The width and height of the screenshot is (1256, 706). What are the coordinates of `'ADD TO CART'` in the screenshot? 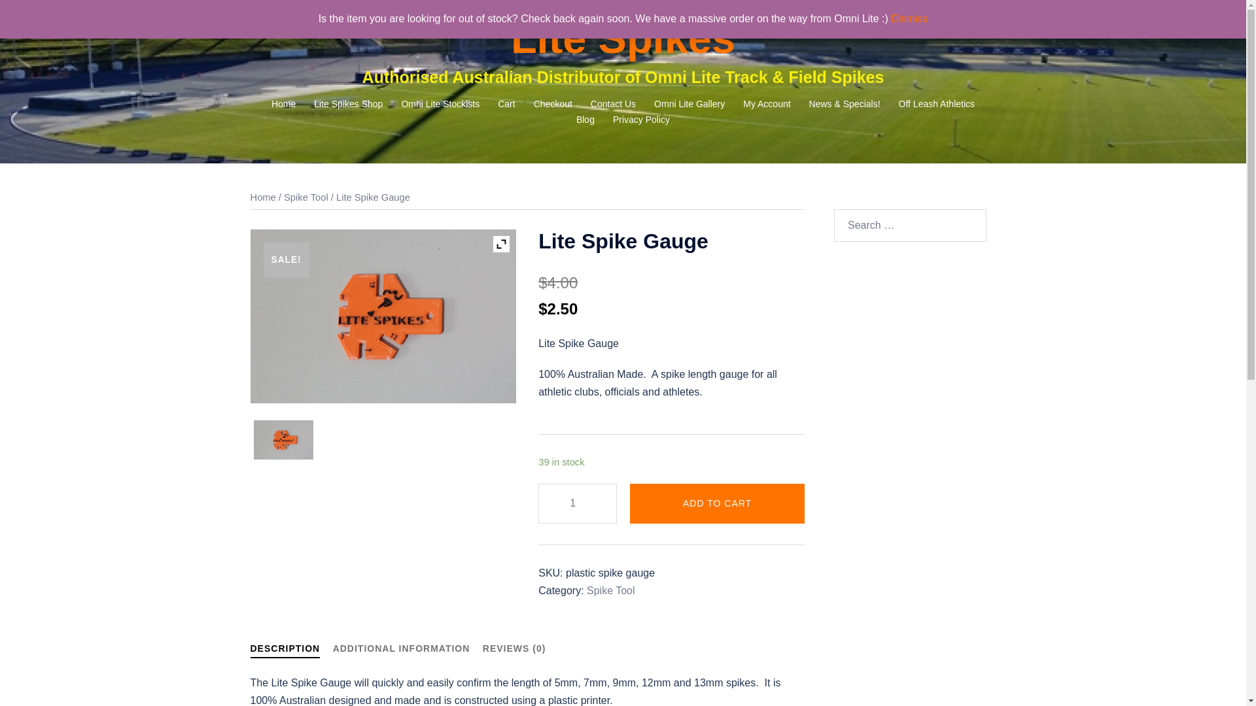 It's located at (716, 503).